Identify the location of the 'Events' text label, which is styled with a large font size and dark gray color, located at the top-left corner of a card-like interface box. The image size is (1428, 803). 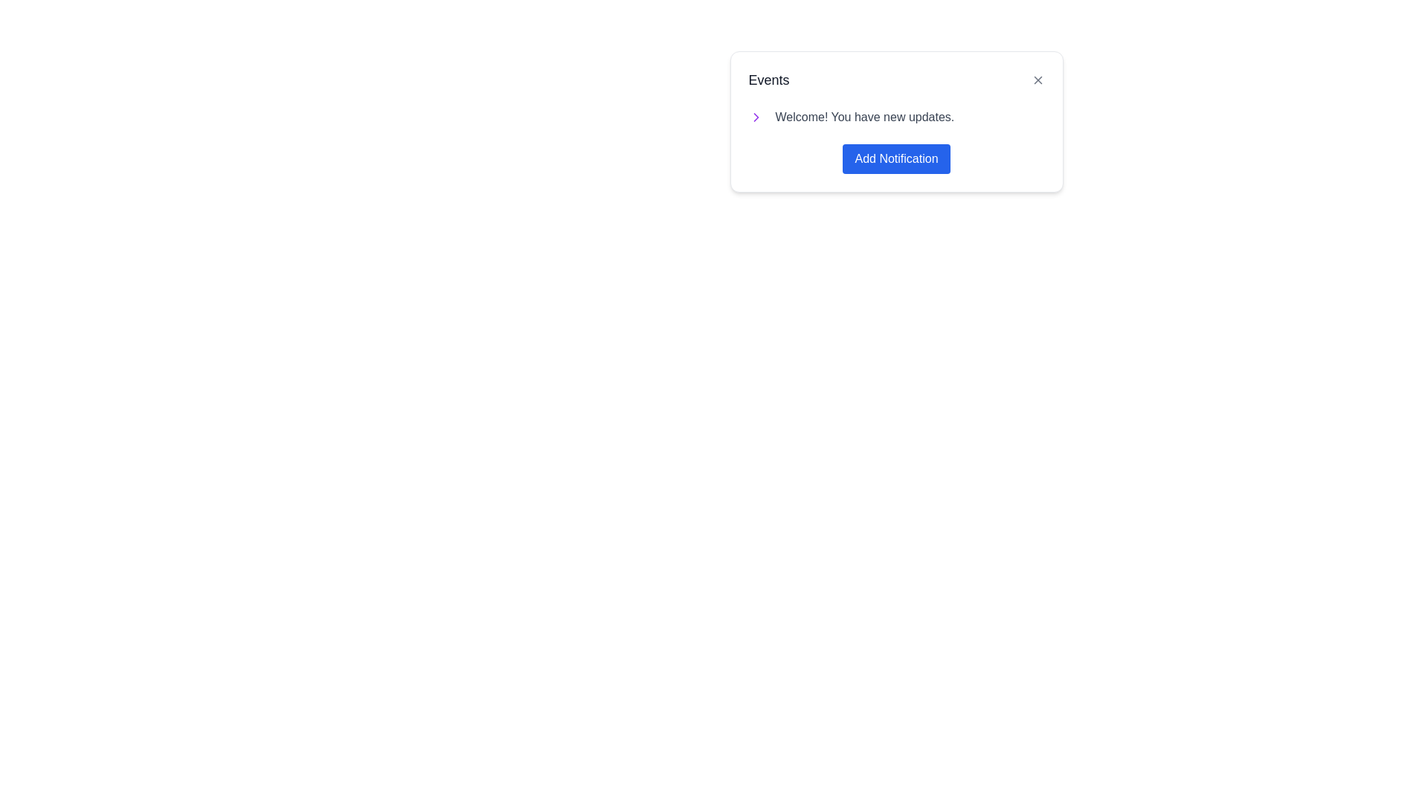
(769, 80).